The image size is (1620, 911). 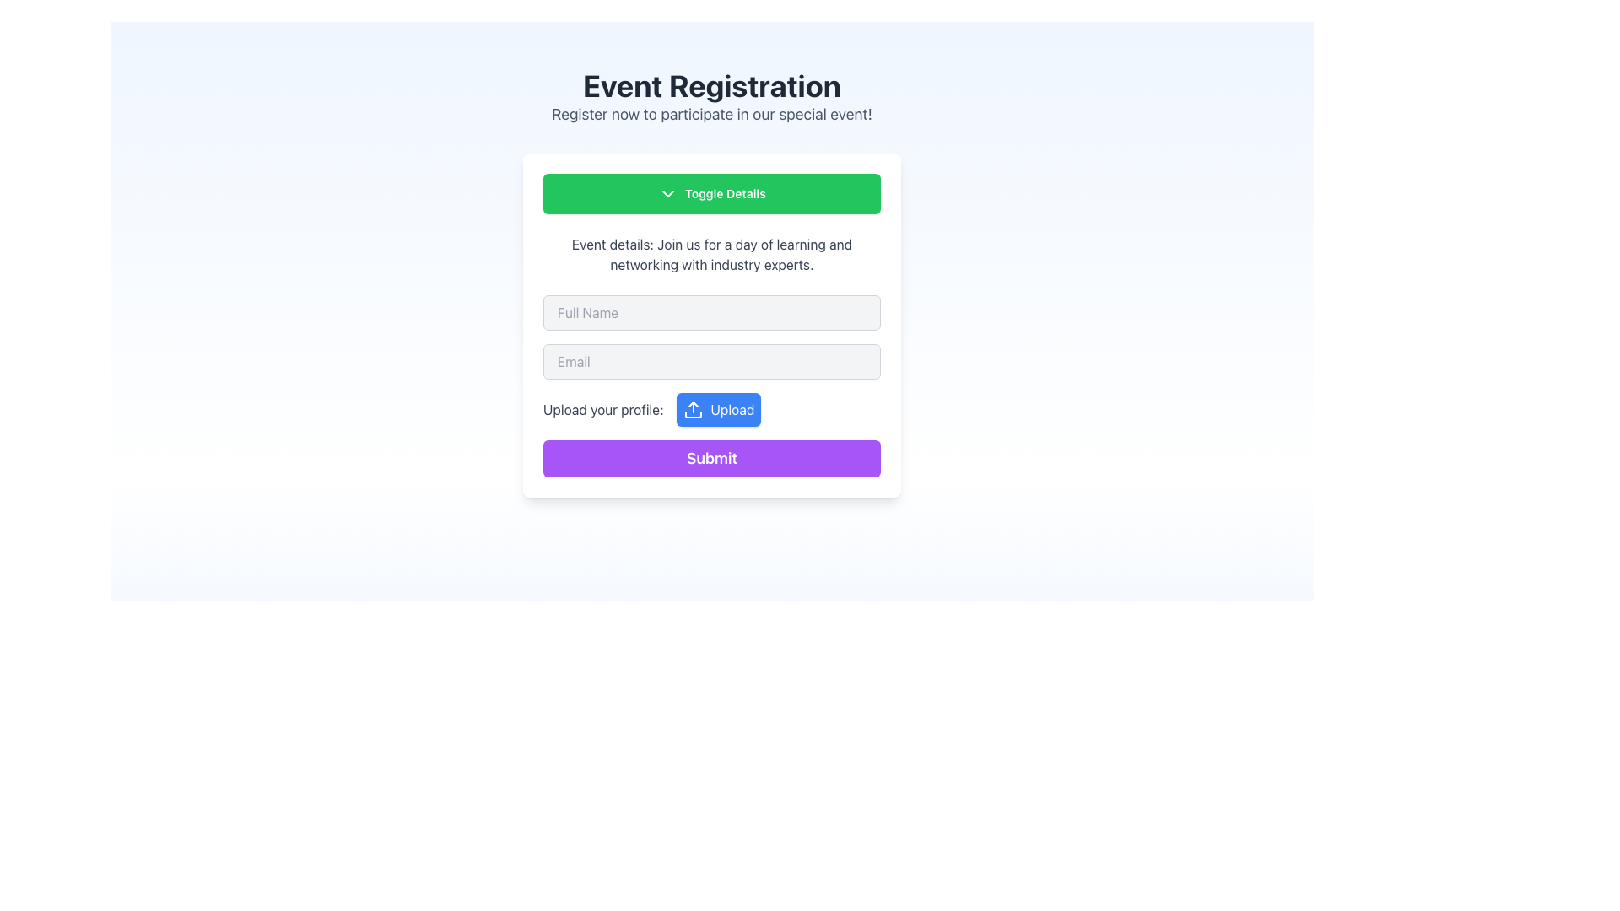 I want to click on the decorative graphic of the upload icon, which is a curved line resembling the bottom portion of a rectangle with rounded corners, located to the left of the 'Upload' text in the registration form, so click(x=694, y=415).